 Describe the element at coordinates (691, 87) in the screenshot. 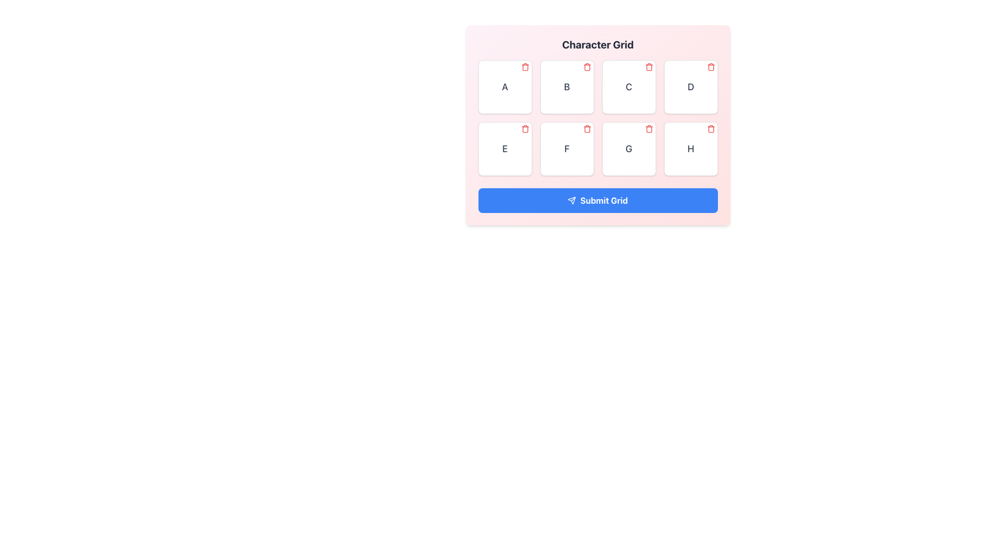

I see `the button labeled 'D' located in the first row of the grid layout` at that location.